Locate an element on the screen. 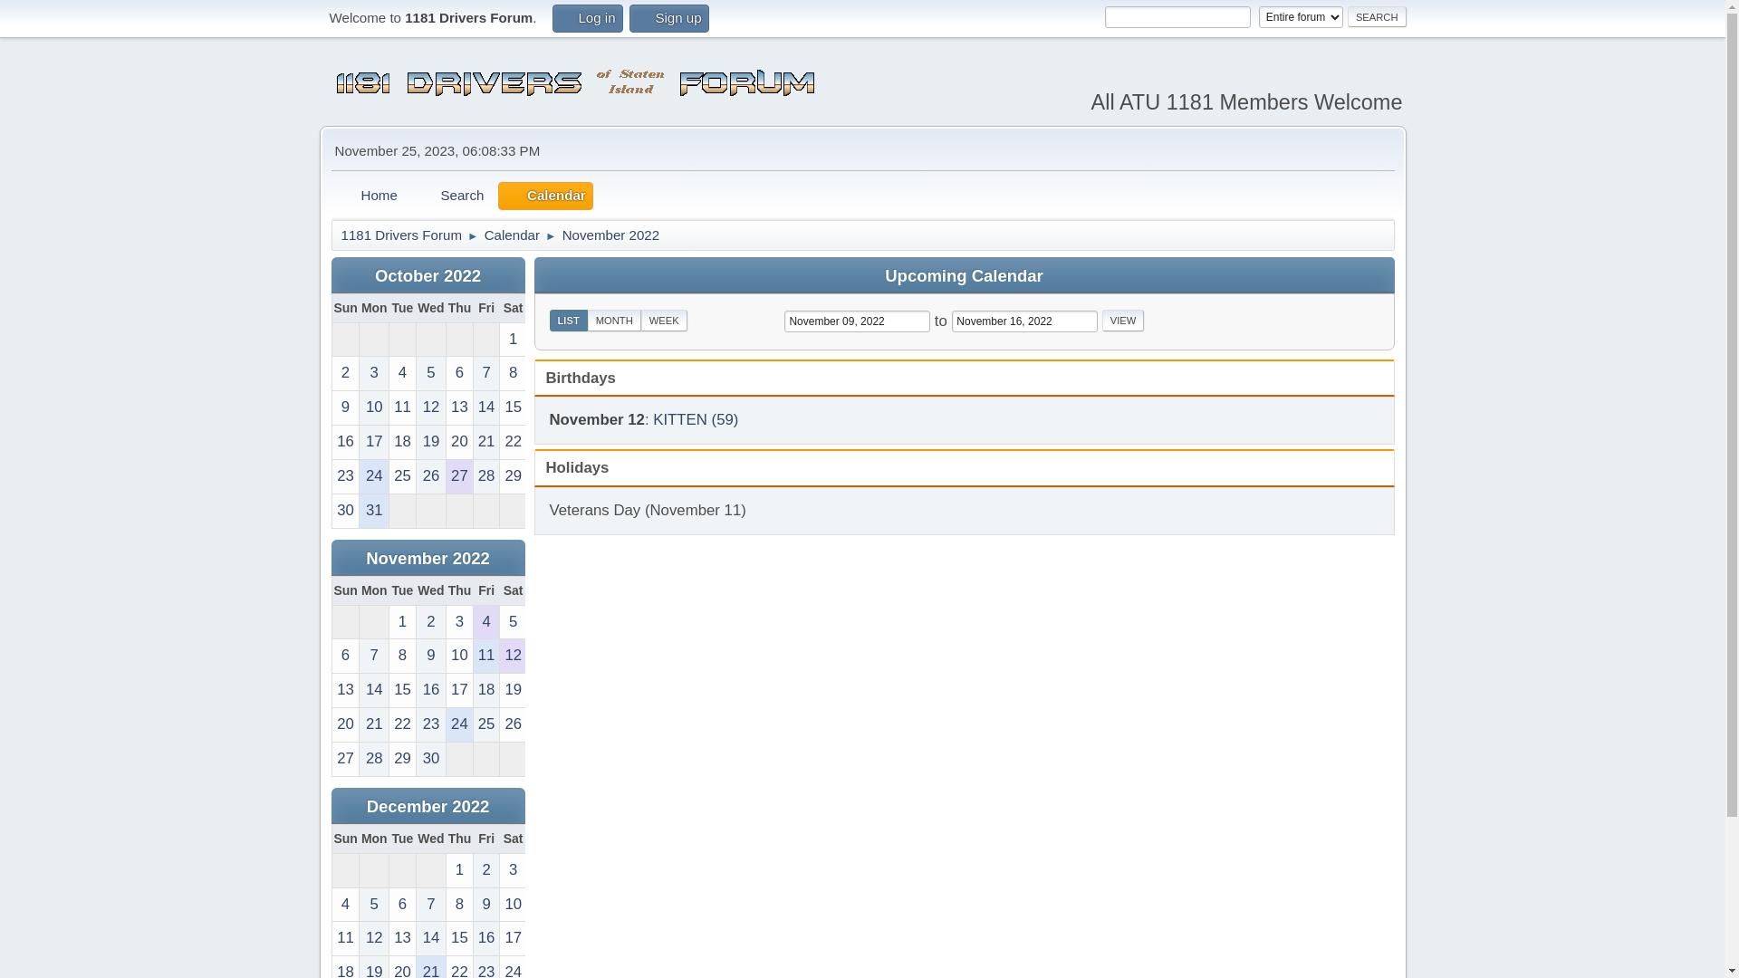  '14' is located at coordinates (372, 690).